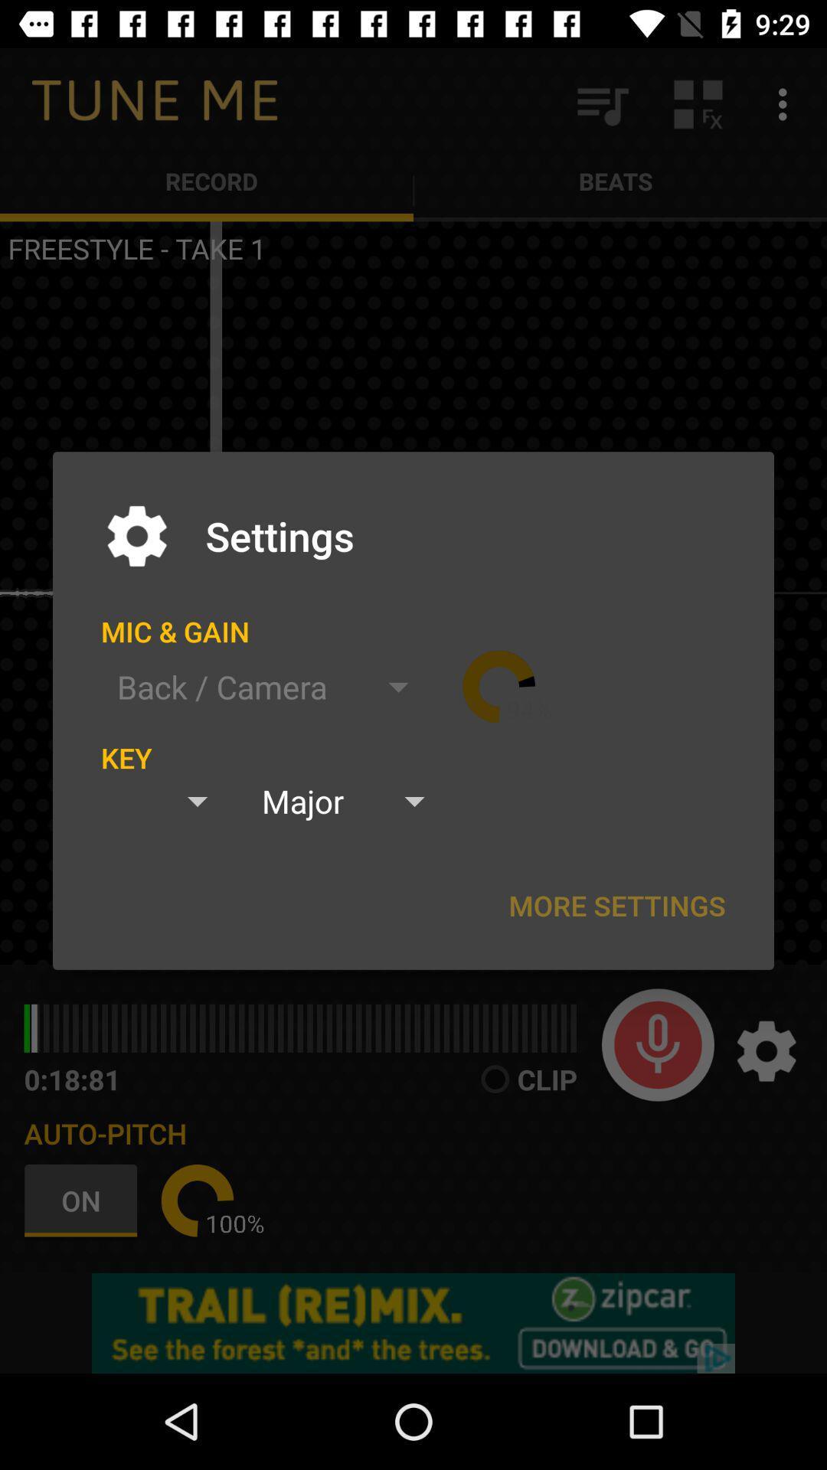 This screenshot has width=827, height=1470. I want to click on app next to record, so click(601, 103).